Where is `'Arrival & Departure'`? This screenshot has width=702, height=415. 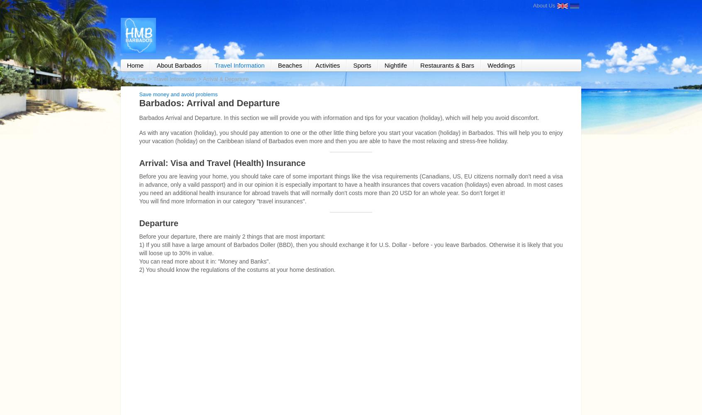 'Arrival & Departure' is located at coordinates (202, 78).